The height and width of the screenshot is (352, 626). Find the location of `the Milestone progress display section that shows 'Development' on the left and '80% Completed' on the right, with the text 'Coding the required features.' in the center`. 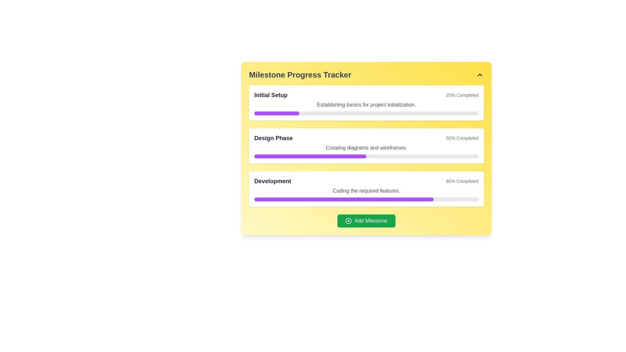

the Milestone progress display section that shows 'Development' on the left and '80% Completed' on the right, with the text 'Coding the required features.' in the center is located at coordinates (366, 189).